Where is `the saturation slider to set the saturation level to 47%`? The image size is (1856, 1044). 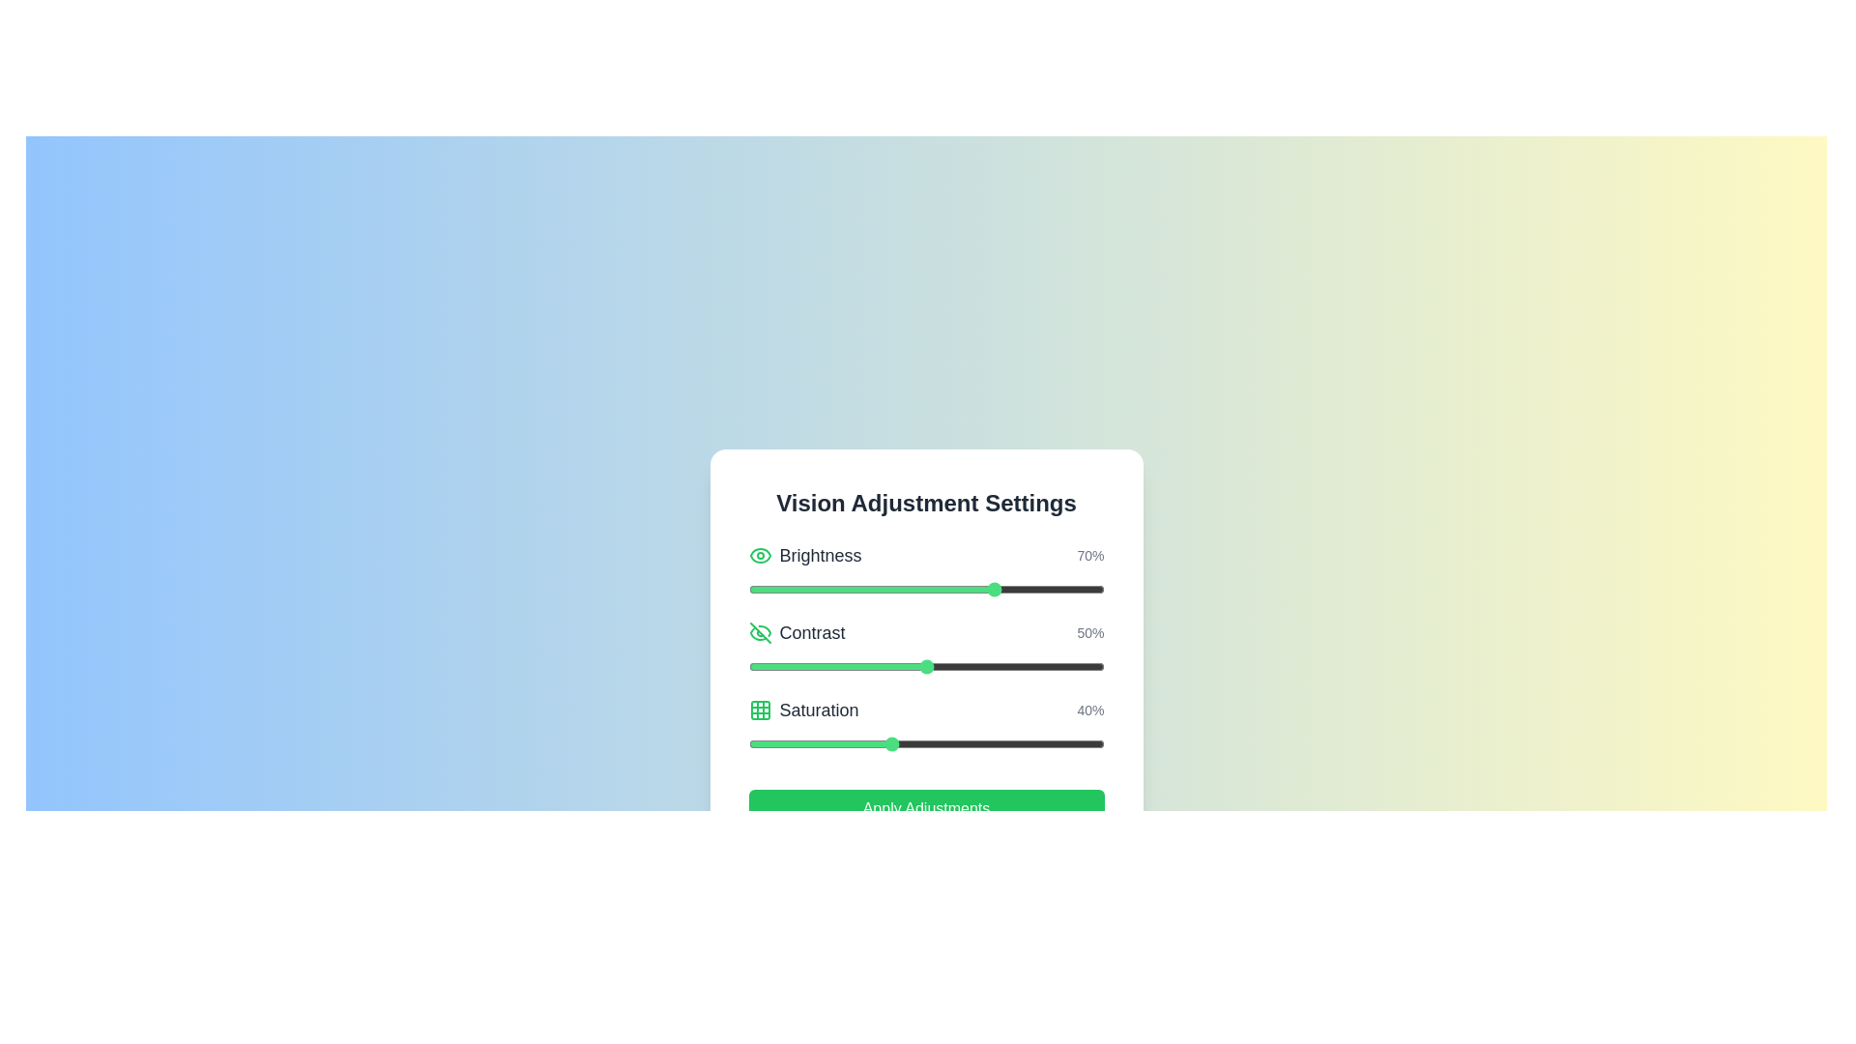
the saturation slider to set the saturation level to 47% is located at coordinates (914, 743).